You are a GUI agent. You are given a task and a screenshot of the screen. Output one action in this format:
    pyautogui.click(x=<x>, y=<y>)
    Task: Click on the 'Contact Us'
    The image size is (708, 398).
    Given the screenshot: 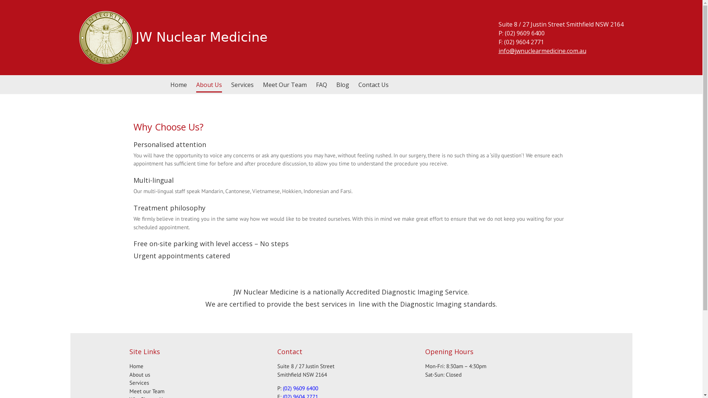 What is the action you would take?
    pyautogui.click(x=373, y=84)
    